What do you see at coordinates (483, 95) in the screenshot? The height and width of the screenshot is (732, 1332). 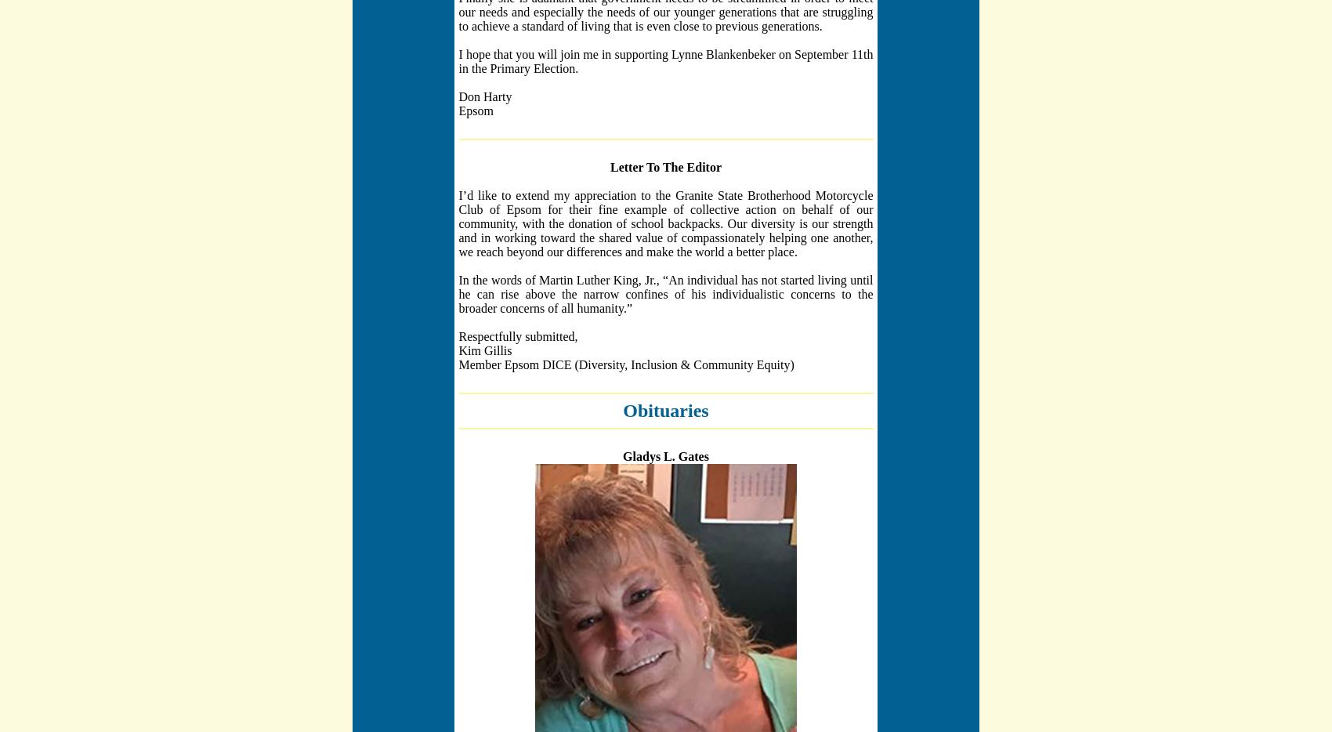 I see `'Don Harty'` at bounding box center [483, 95].